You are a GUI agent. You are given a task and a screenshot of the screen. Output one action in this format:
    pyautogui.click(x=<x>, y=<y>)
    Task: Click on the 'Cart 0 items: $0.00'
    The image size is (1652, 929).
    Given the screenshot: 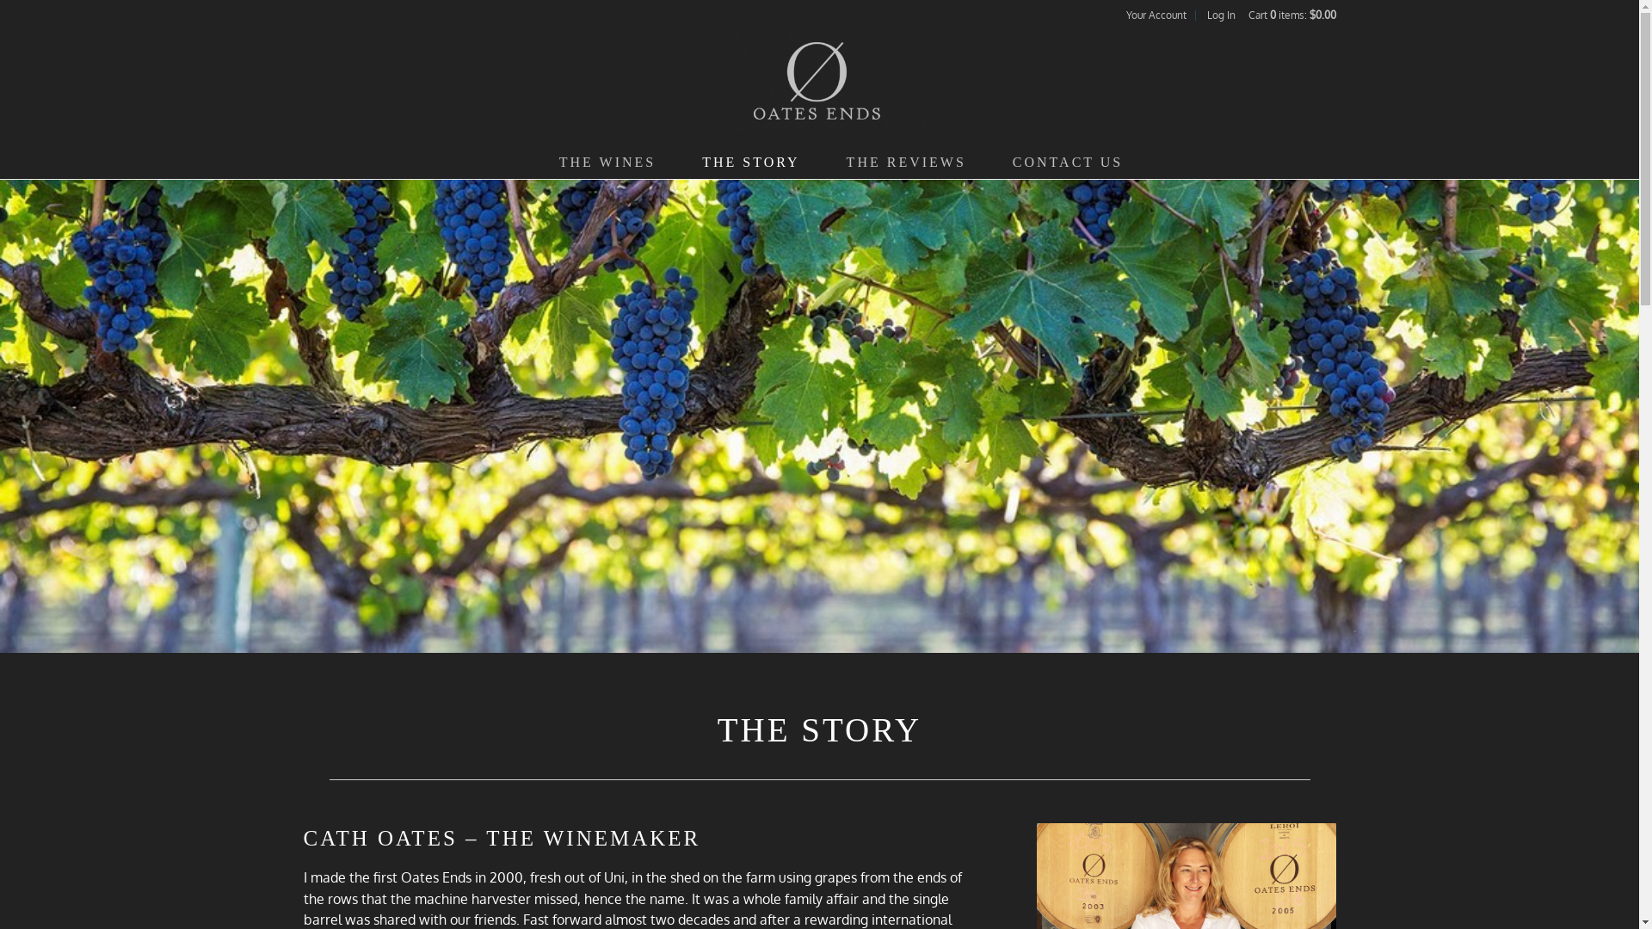 What is the action you would take?
    pyautogui.click(x=1291, y=15)
    